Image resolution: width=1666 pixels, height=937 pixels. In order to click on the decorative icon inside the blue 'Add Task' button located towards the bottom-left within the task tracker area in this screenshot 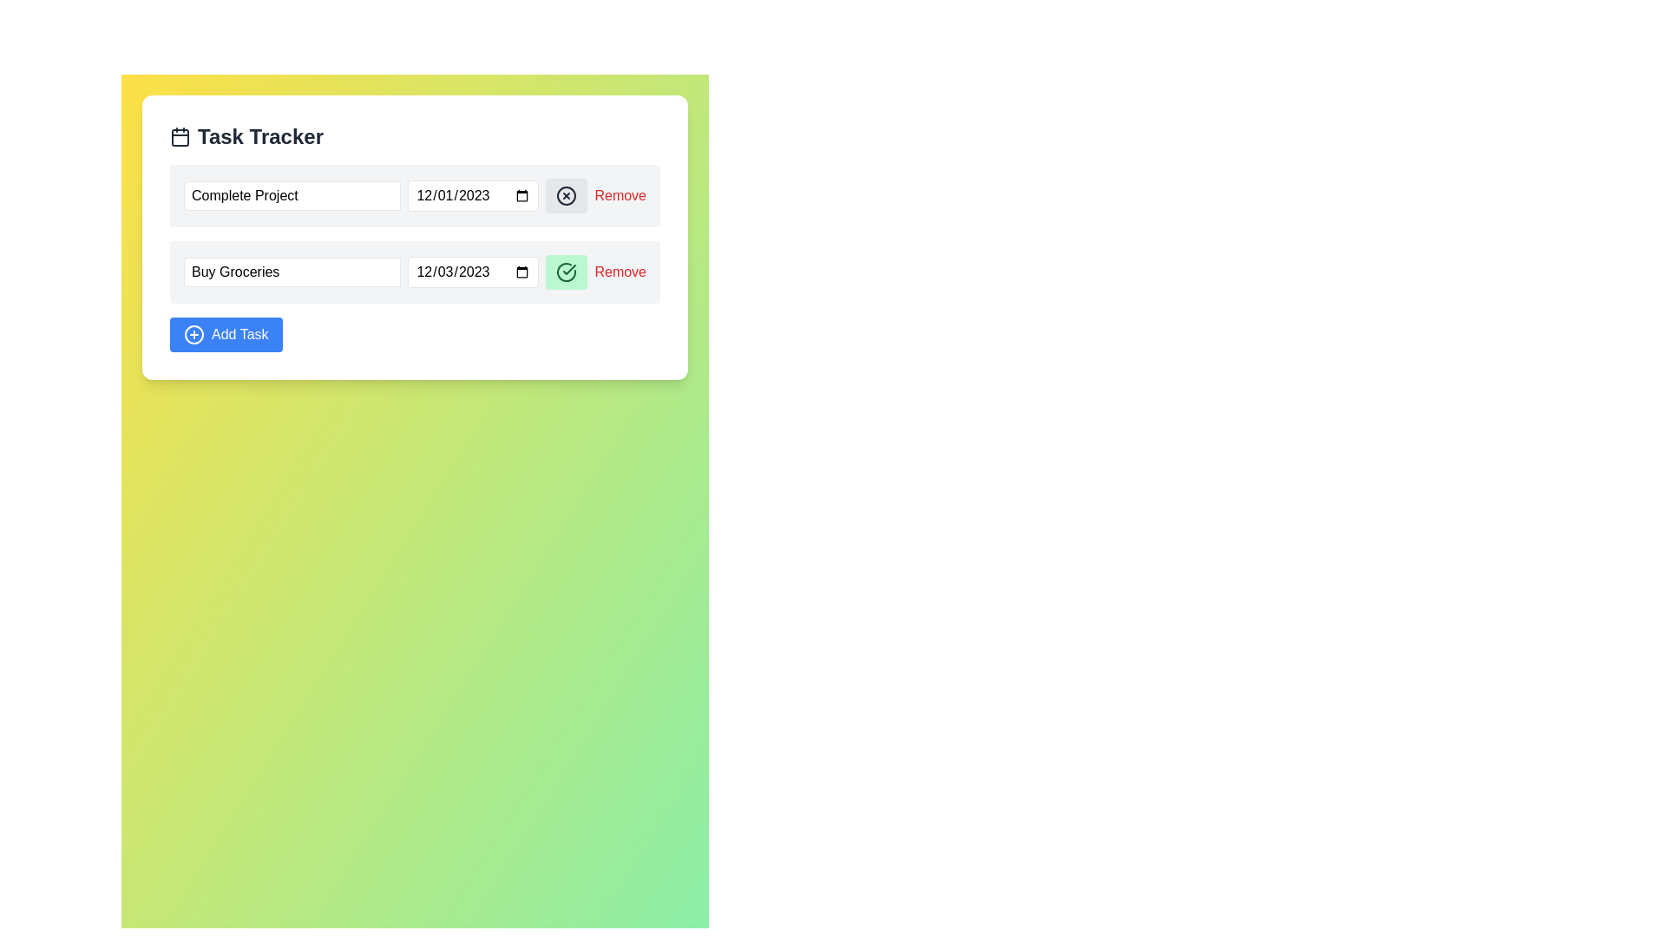, I will do `click(194, 334)`.